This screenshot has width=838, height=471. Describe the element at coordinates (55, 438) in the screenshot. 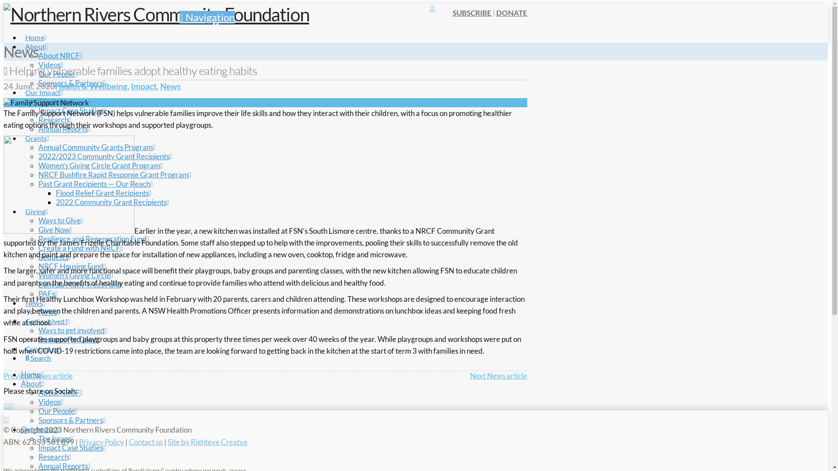

I see `'The Issues'` at that location.